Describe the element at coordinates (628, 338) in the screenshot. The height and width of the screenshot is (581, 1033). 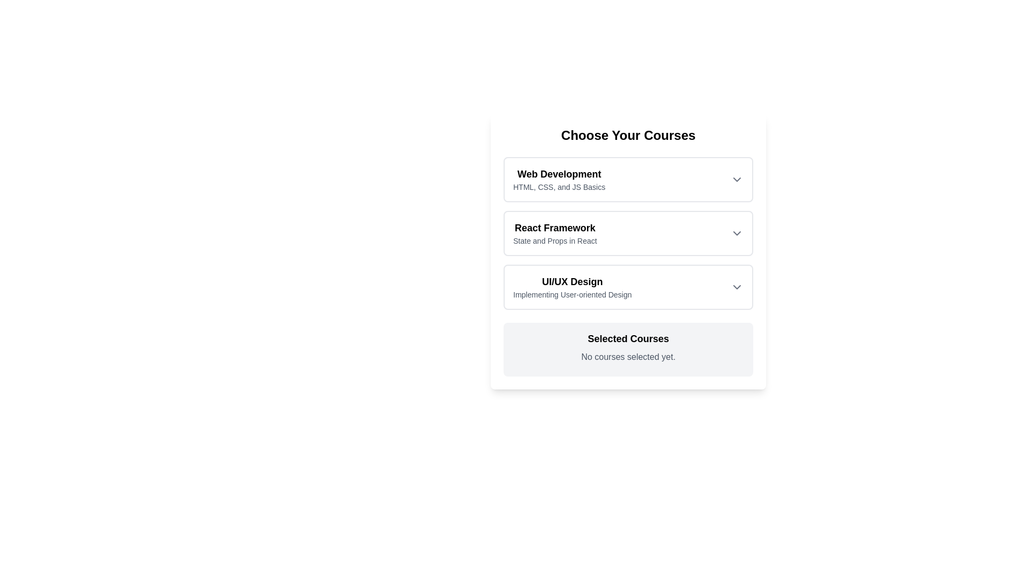
I see `the text label that displays 'Selected Courses', which is styled in bold and medium-large font within a light gray background area and serves as the heading for its section` at that location.